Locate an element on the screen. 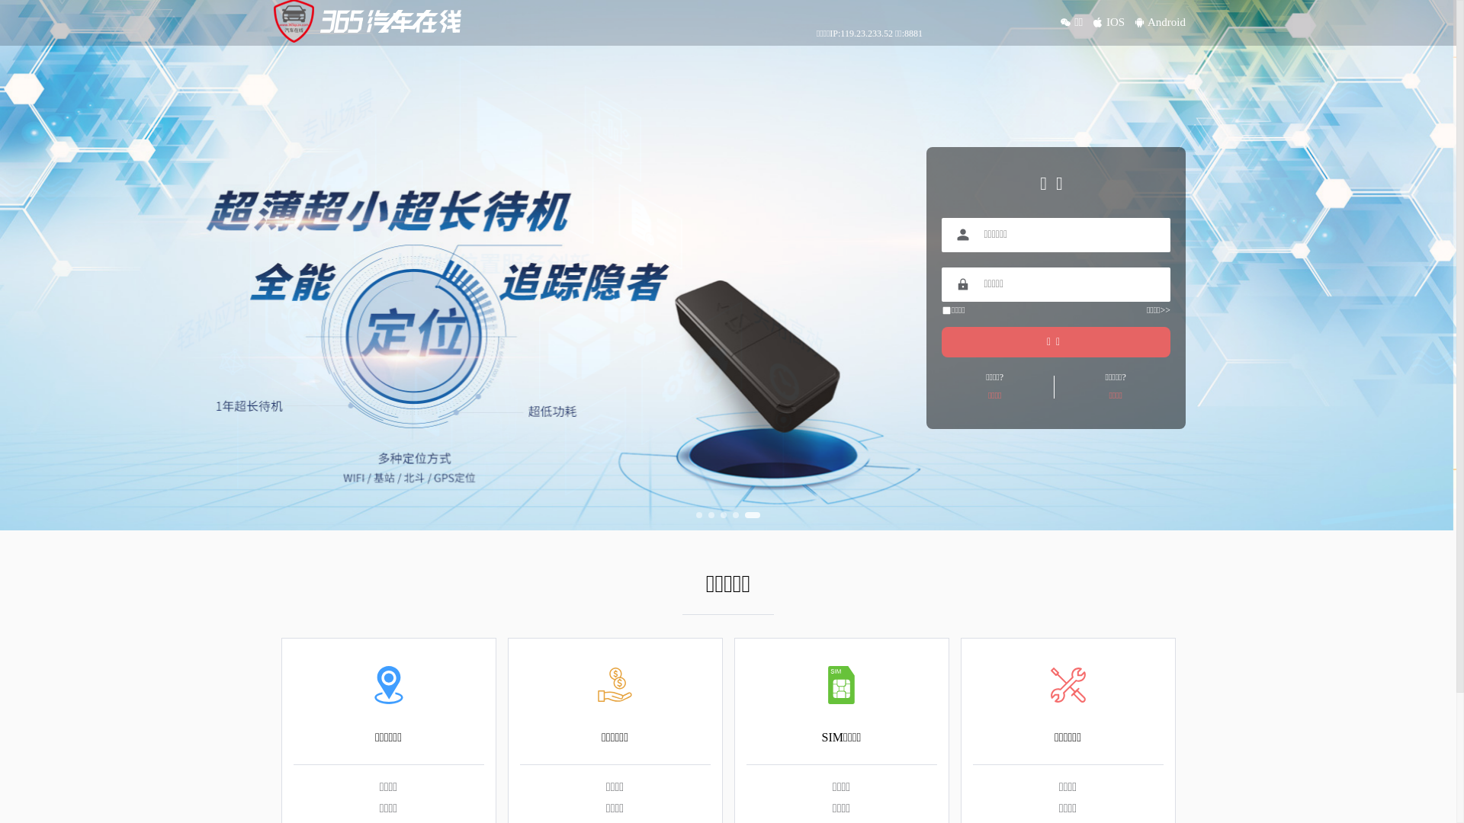 The image size is (1464, 823). 'IOS' is located at coordinates (1116, 22).